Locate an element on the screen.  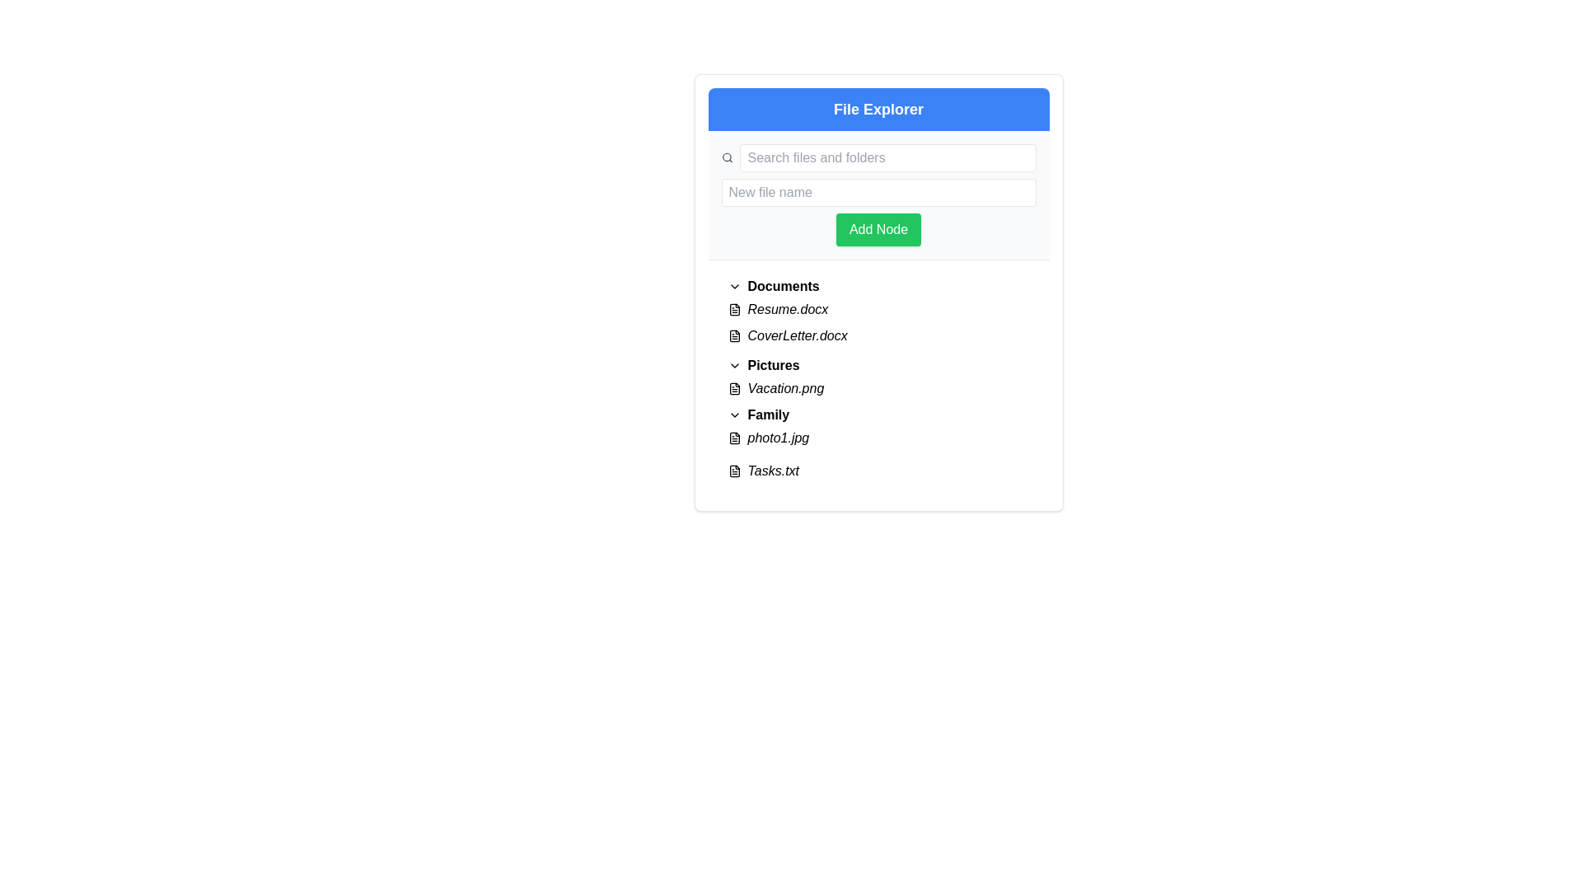
the 'Pictures' collapsible folder item in the file explorer is located at coordinates (878, 364).